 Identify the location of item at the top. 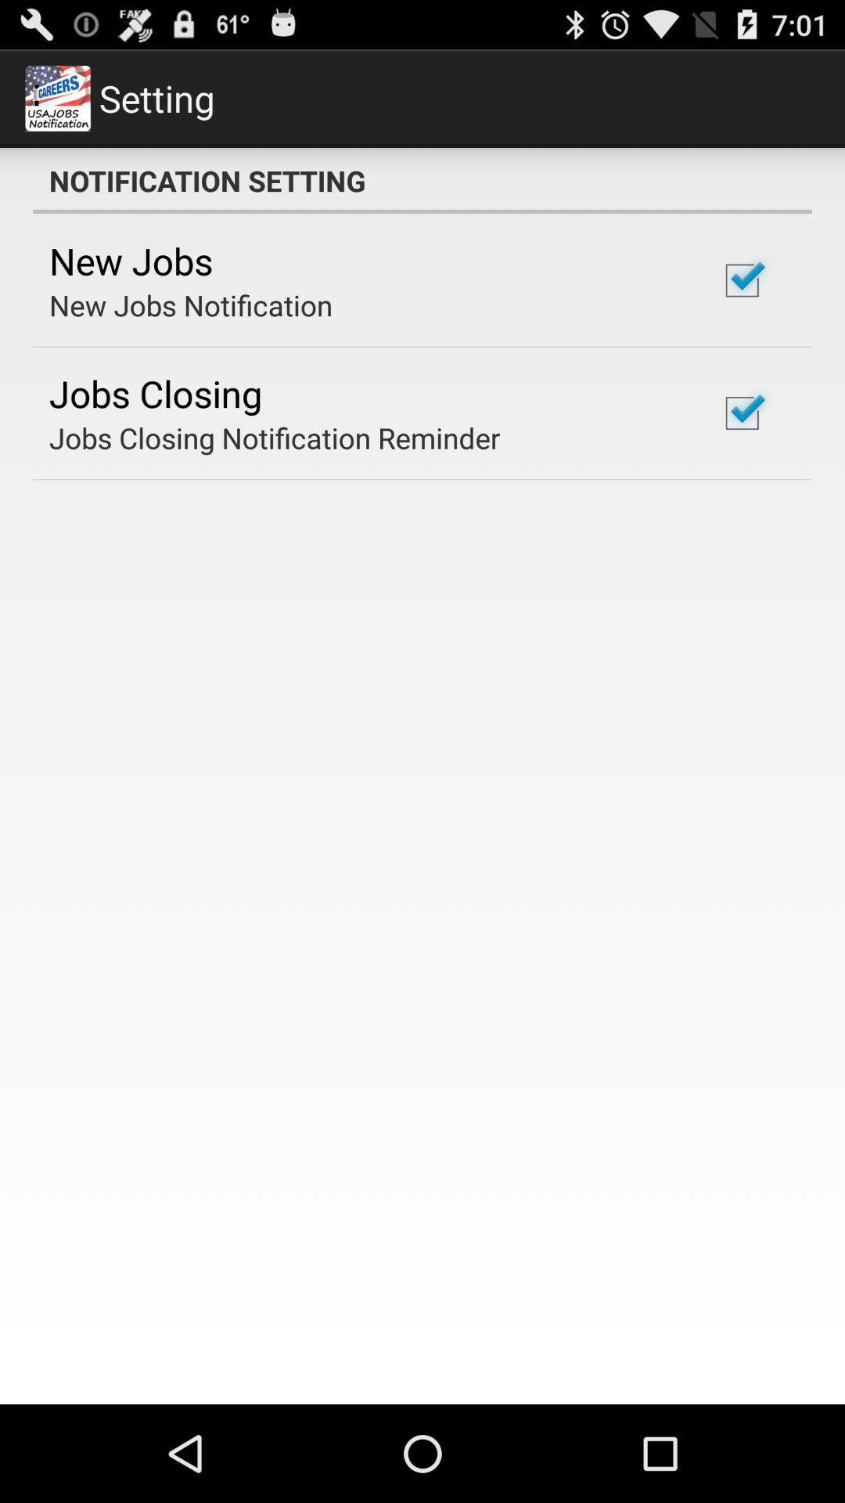
(422, 180).